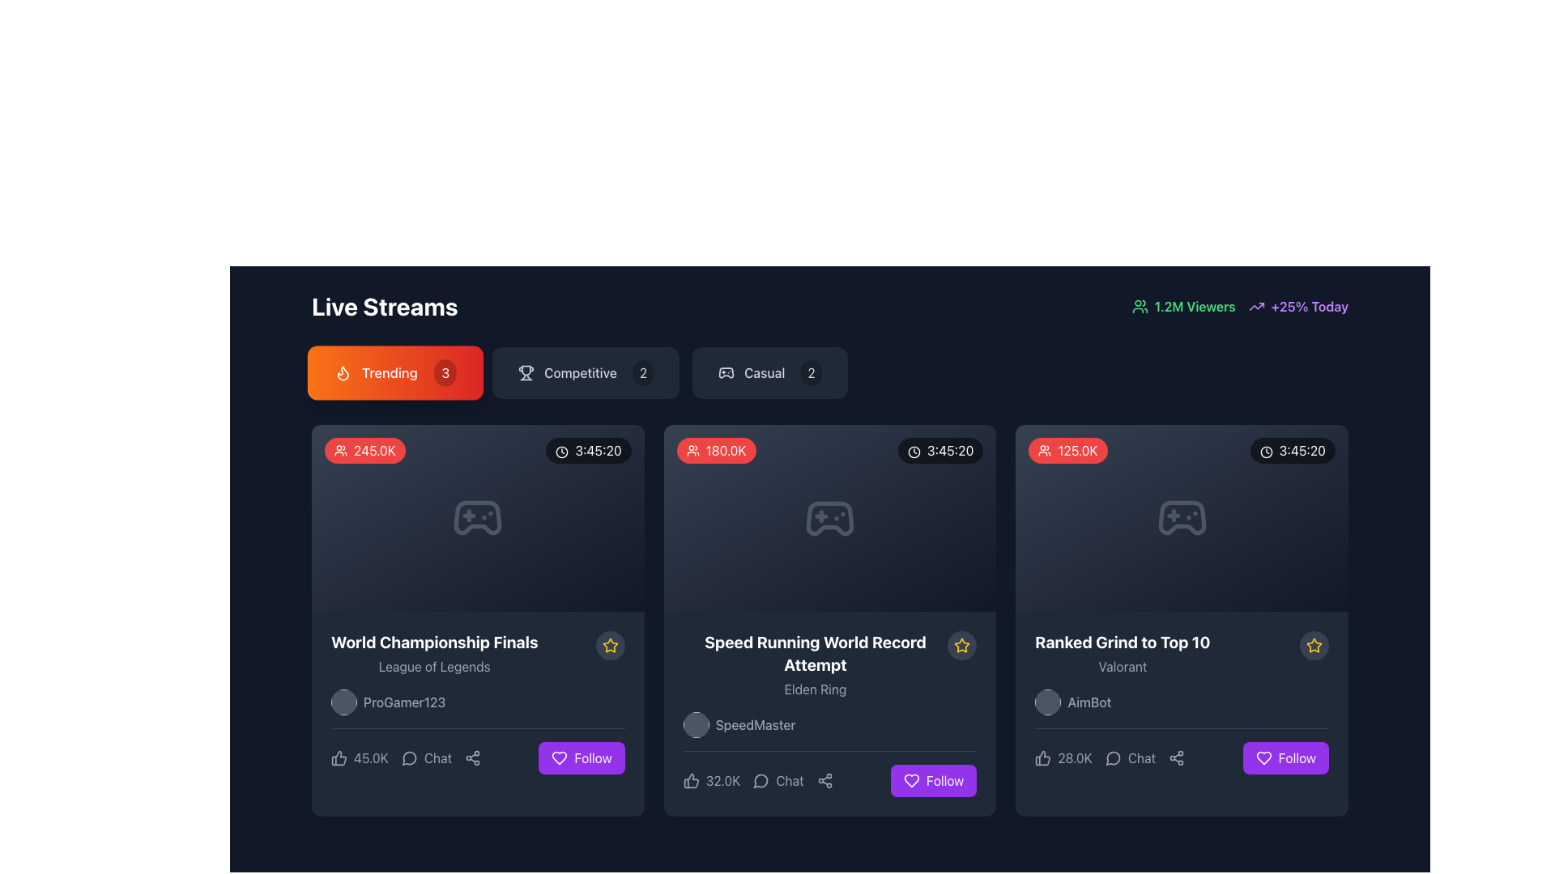 The image size is (1555, 874). I want to click on the chat icon located within the 'Chat' button below the 'Speed Running World Record Attempt' card, which is the second card in a row of three, so click(760, 780).